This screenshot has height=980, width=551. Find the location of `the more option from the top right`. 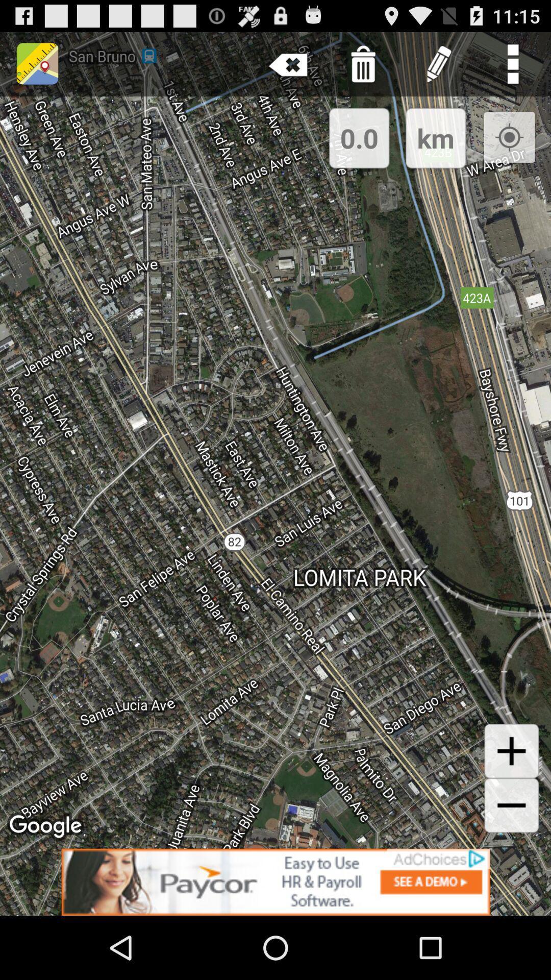

the more option from the top right is located at coordinates (513, 63).